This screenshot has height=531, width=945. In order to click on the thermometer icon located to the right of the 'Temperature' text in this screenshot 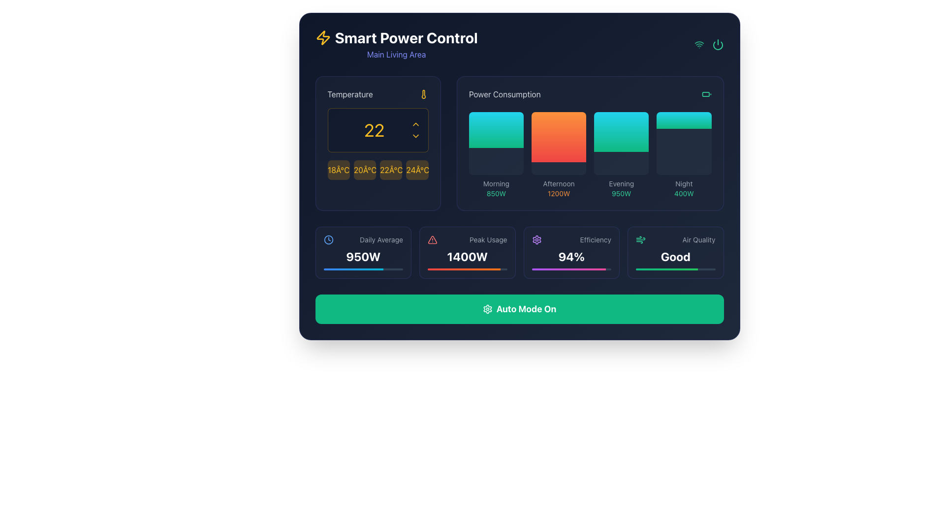, I will do `click(423, 94)`.